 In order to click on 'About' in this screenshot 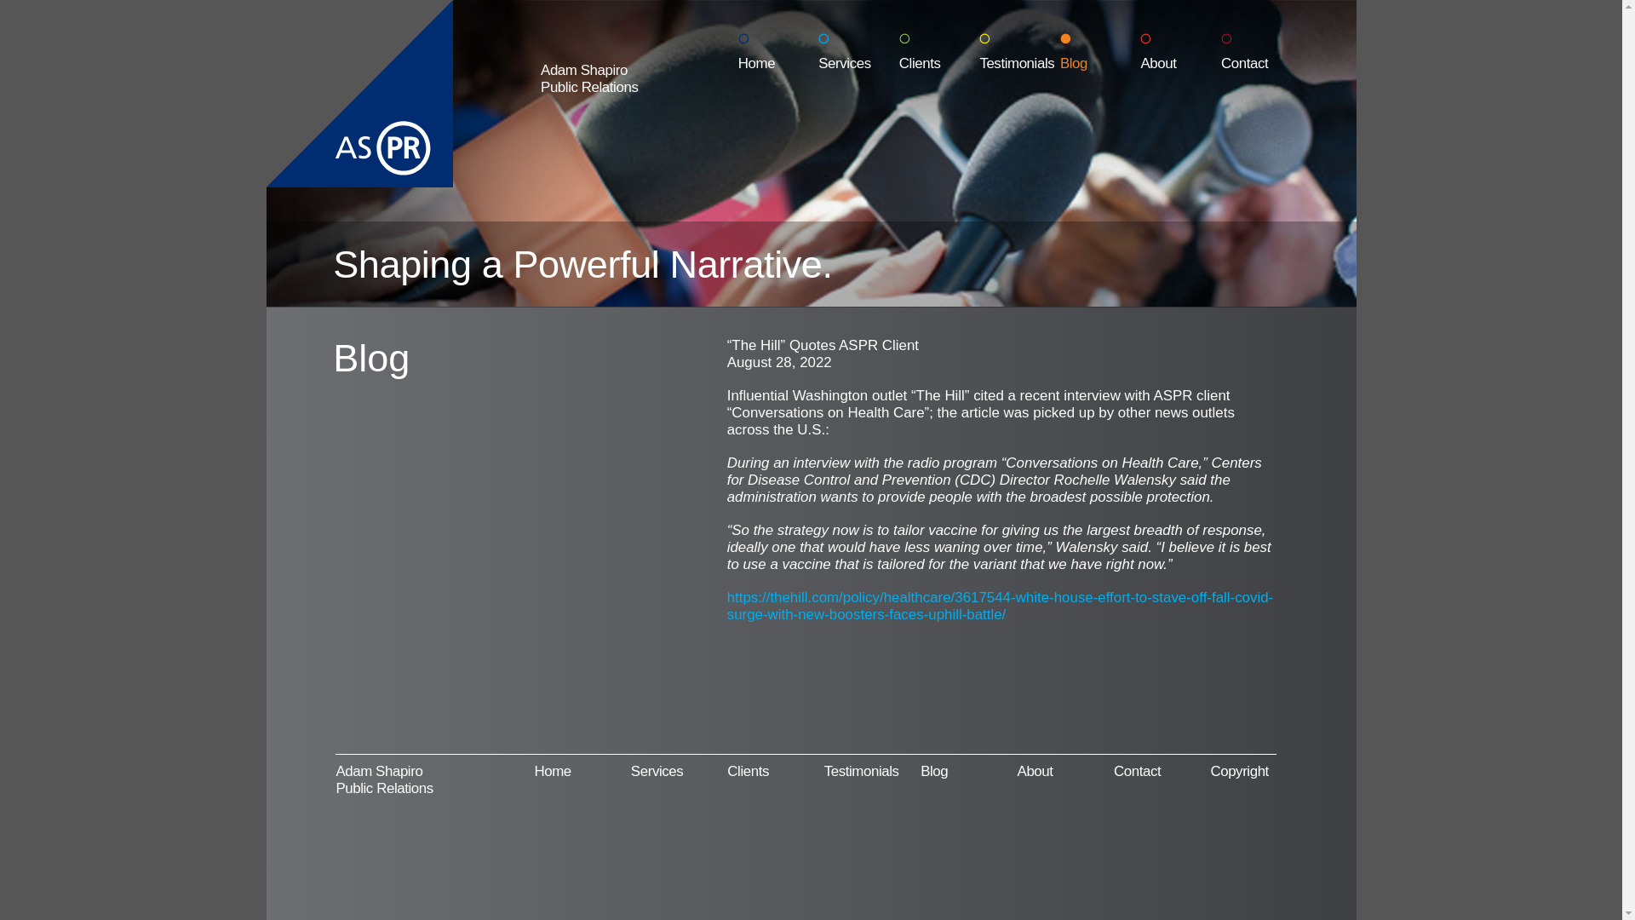, I will do `click(1034, 771)`.